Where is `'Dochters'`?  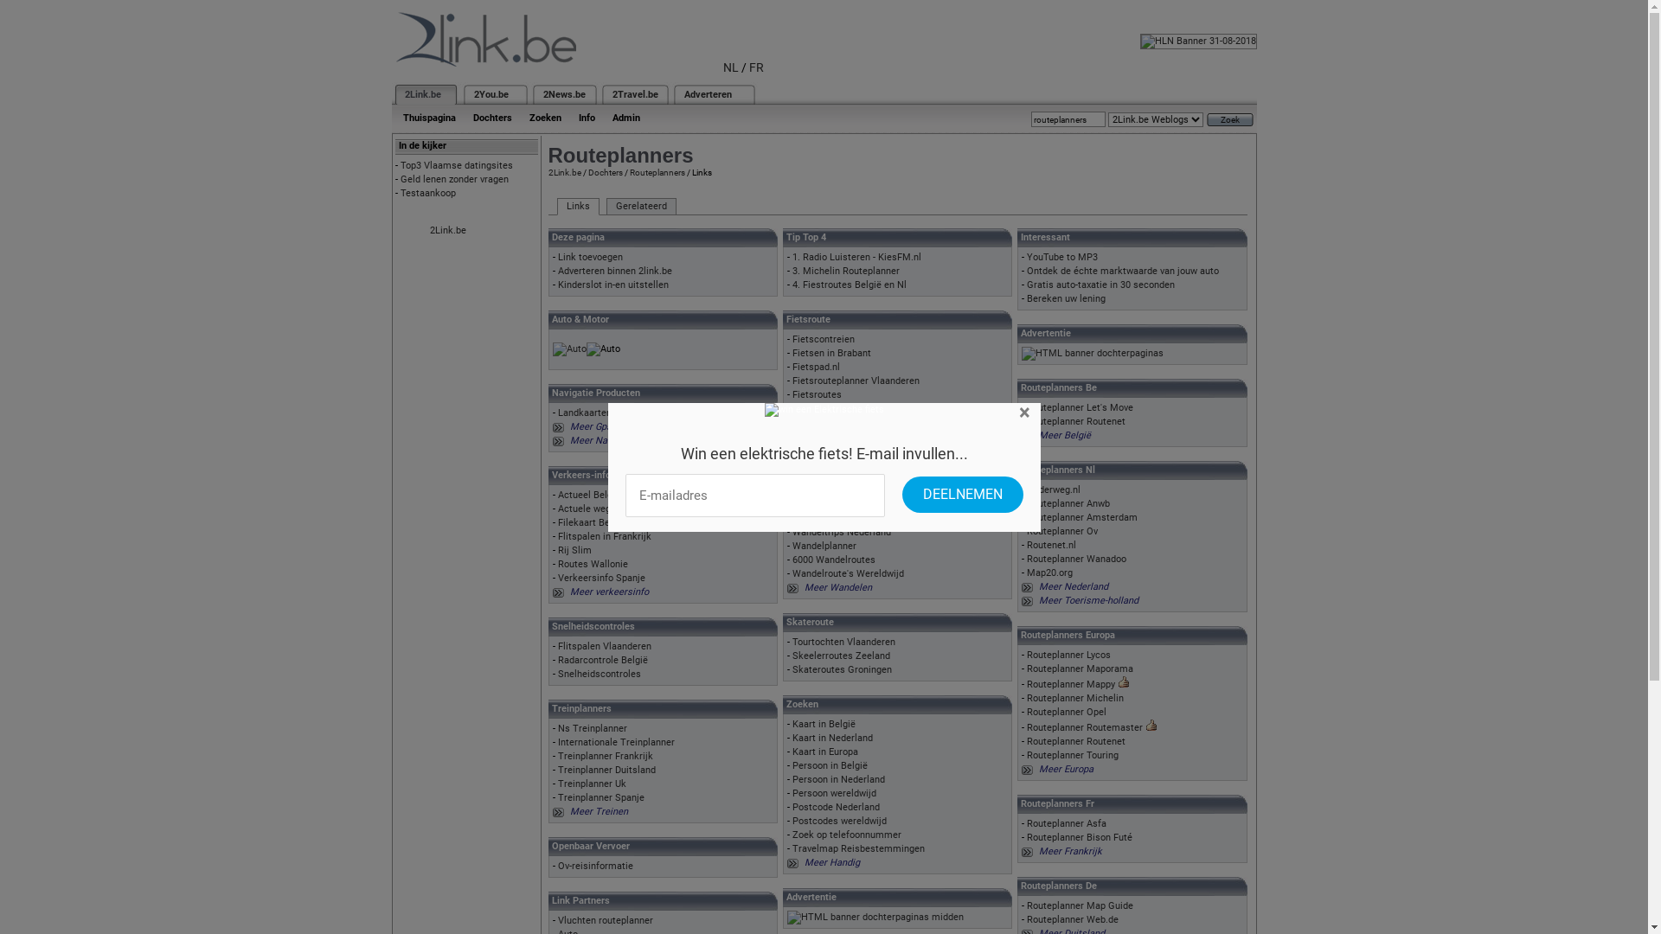
'Dochters' is located at coordinates (491, 117).